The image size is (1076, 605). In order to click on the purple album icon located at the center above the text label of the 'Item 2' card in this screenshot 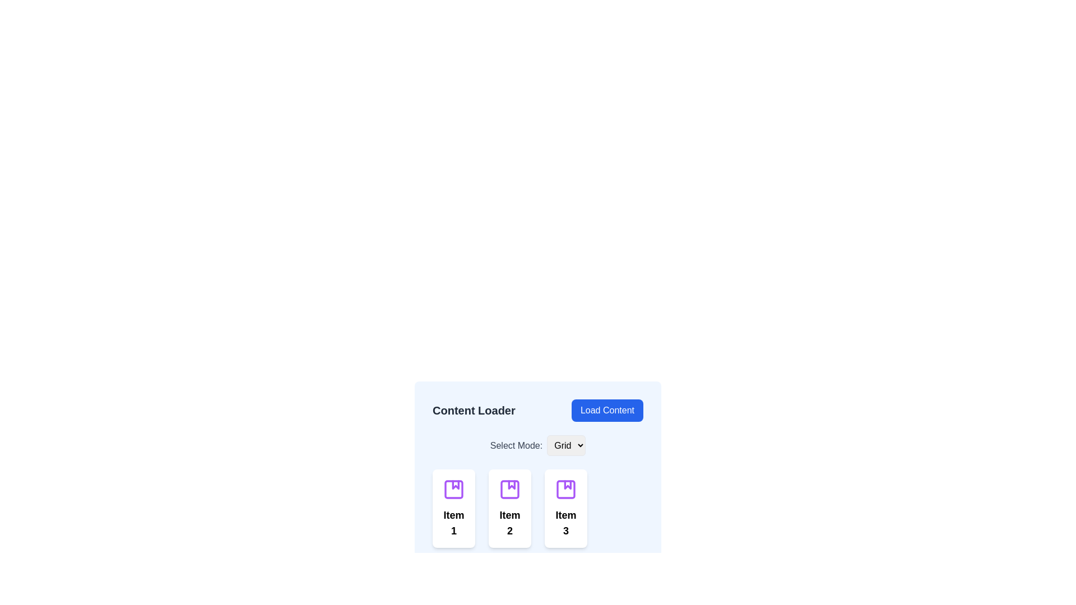, I will do `click(509, 489)`.